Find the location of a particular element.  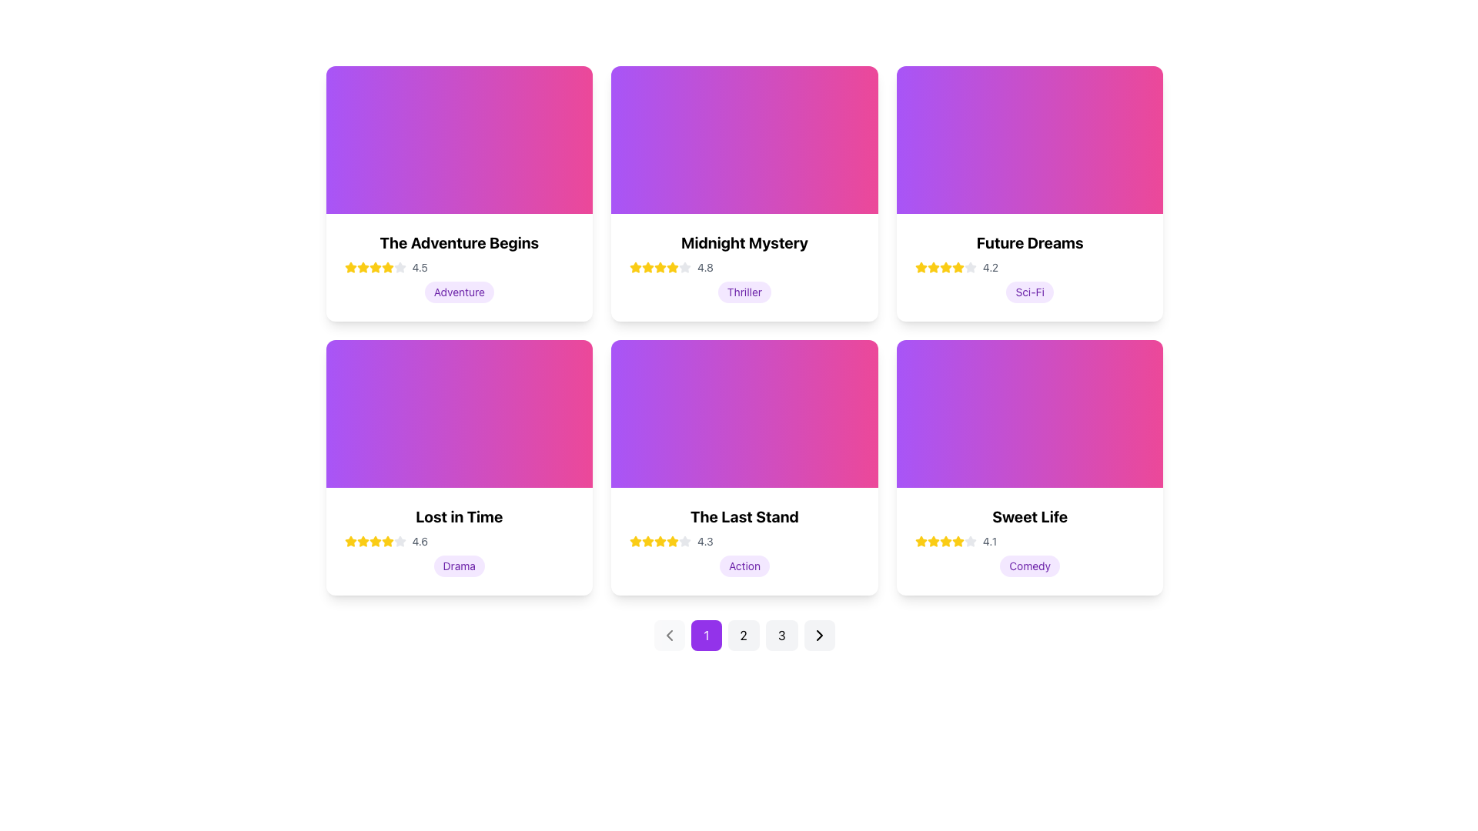

the fifth star icon representing the movie 'Sweet Life' from the fourth card in the second row is located at coordinates (969, 540).